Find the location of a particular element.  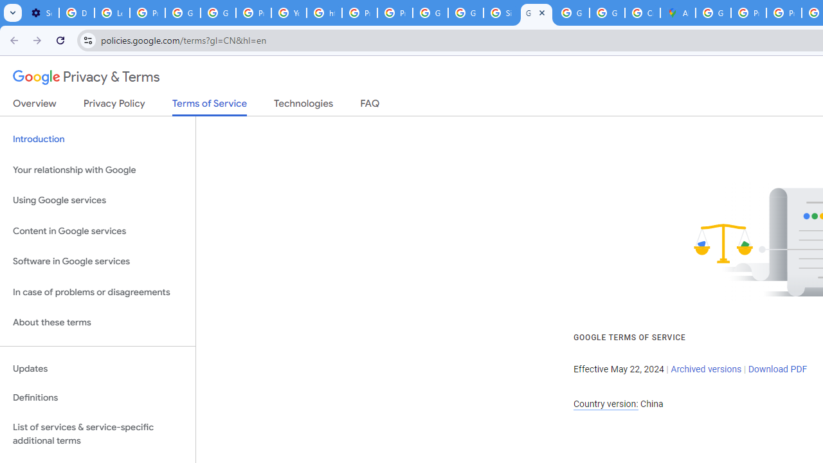

'In case of problems or disagreements' is located at coordinates (97, 292).